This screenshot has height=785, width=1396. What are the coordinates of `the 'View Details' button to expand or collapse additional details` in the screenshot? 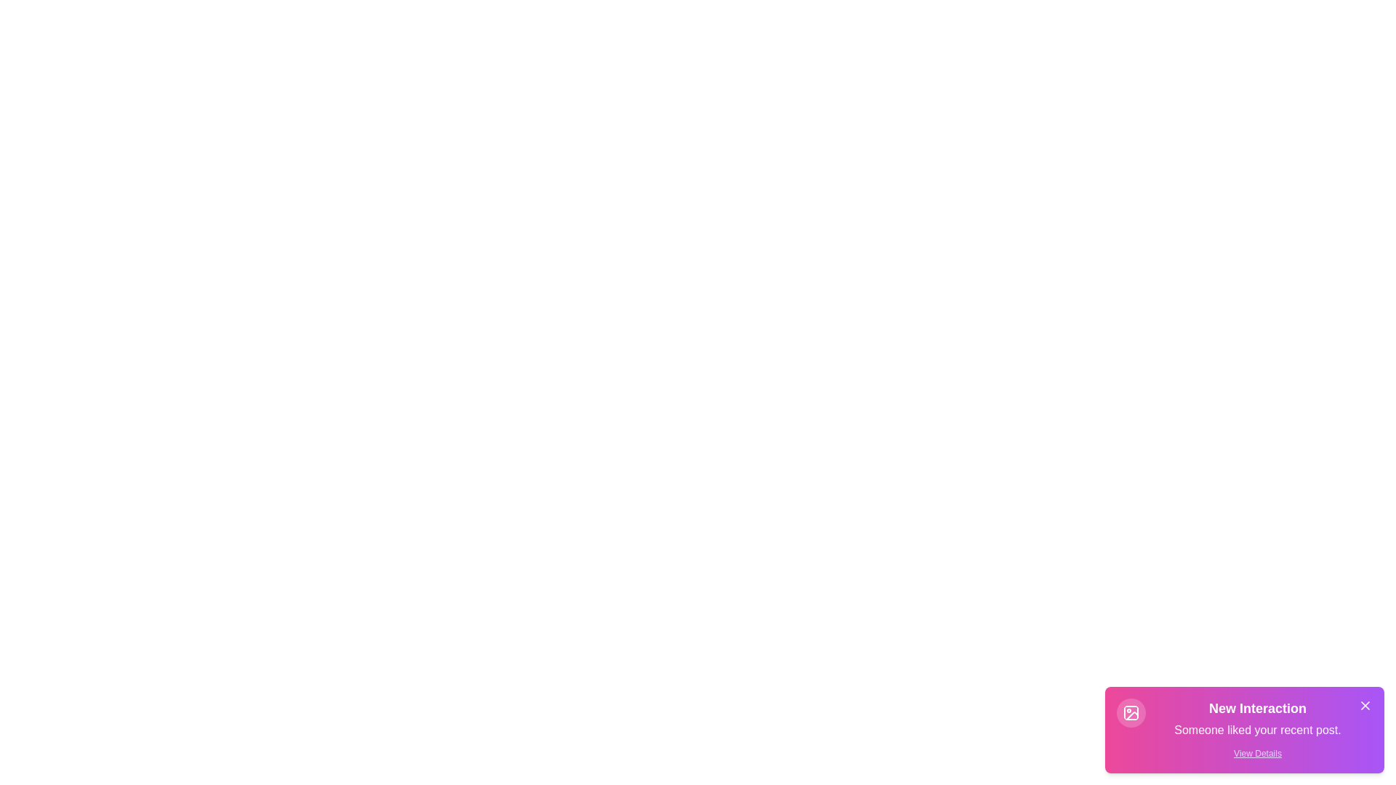 It's located at (1256, 753).